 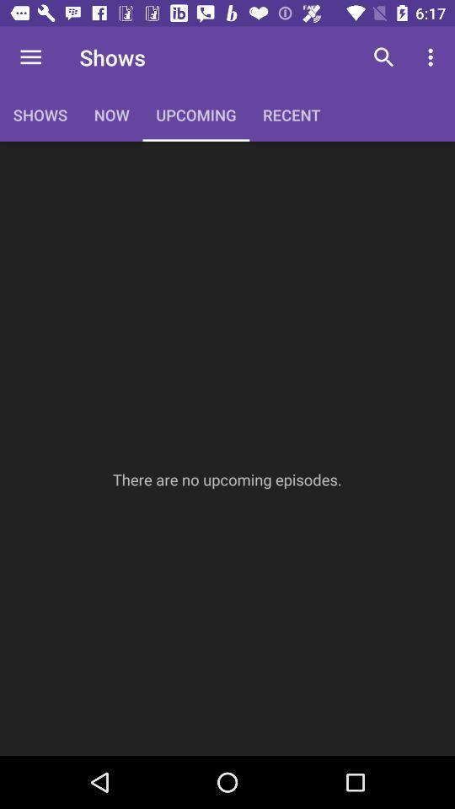 What do you see at coordinates (383, 57) in the screenshot?
I see `item next to the recent item` at bounding box center [383, 57].